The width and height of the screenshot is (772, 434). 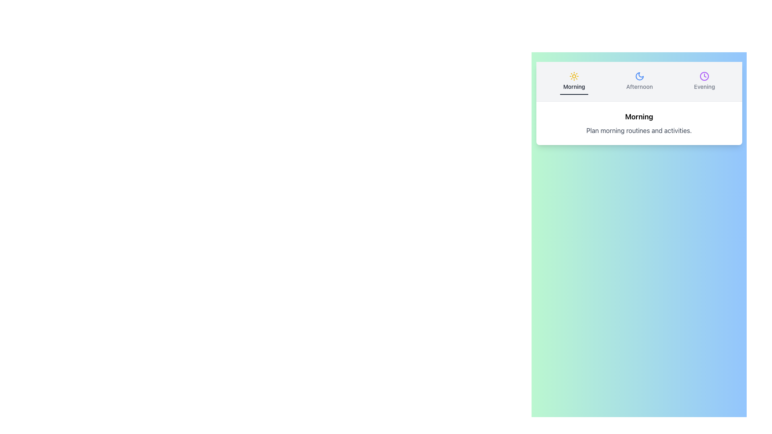 What do you see at coordinates (639, 87) in the screenshot?
I see `the 'Afternoon' text label` at bounding box center [639, 87].